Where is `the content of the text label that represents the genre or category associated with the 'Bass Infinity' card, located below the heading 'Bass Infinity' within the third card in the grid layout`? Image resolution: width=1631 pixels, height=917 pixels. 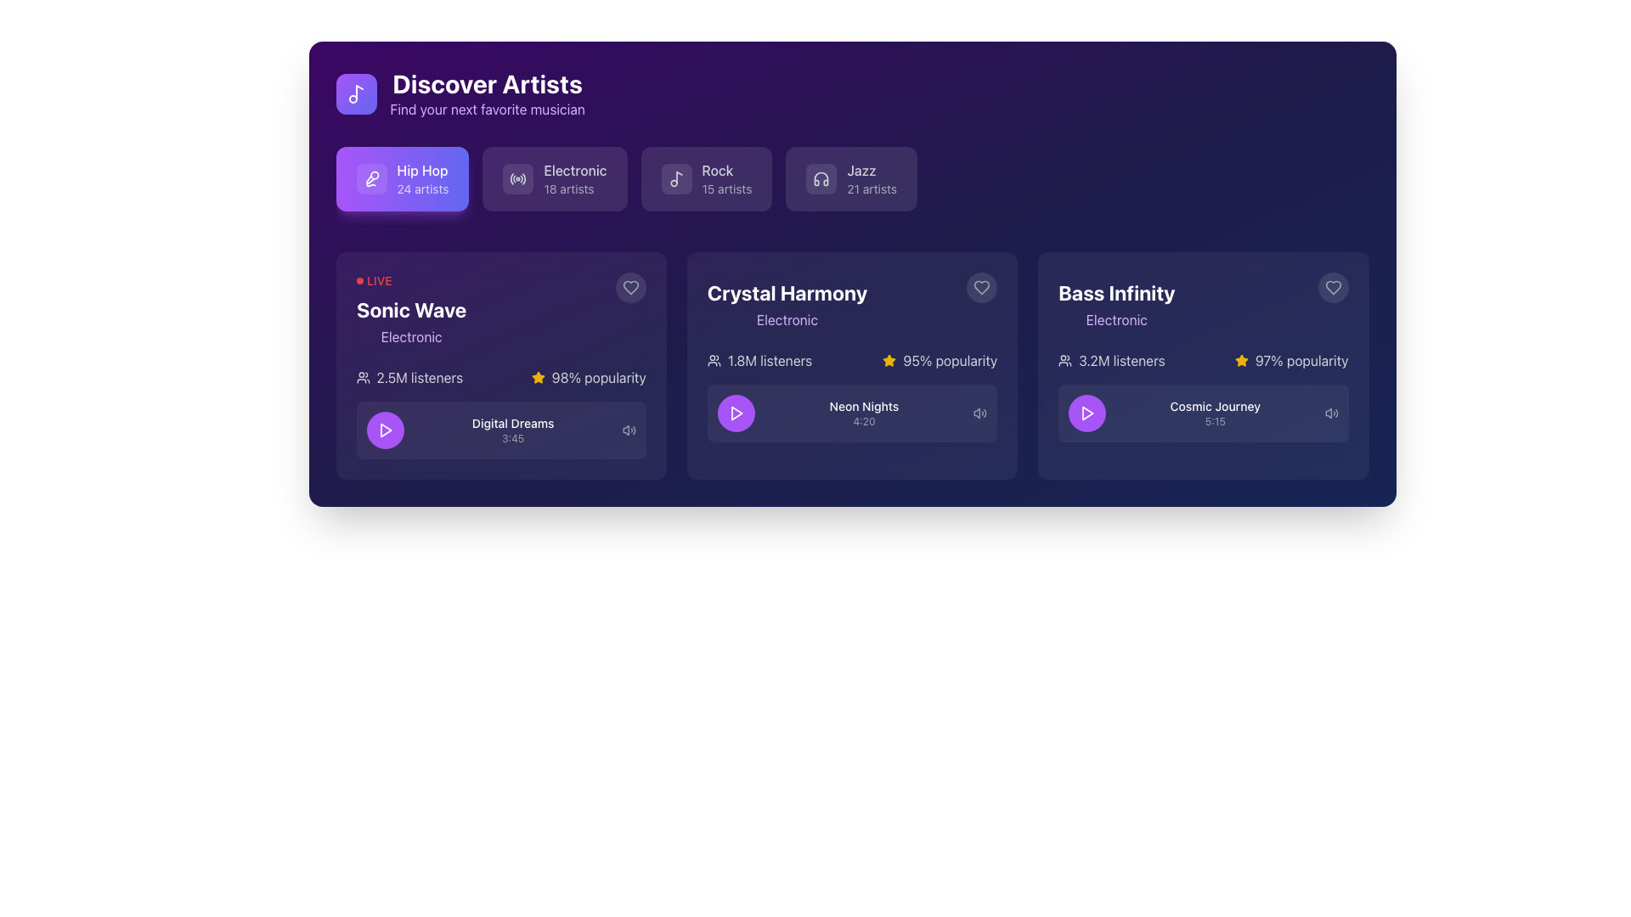
the content of the text label that represents the genre or category associated with the 'Bass Infinity' card, located below the heading 'Bass Infinity' within the third card in the grid layout is located at coordinates (1116, 320).